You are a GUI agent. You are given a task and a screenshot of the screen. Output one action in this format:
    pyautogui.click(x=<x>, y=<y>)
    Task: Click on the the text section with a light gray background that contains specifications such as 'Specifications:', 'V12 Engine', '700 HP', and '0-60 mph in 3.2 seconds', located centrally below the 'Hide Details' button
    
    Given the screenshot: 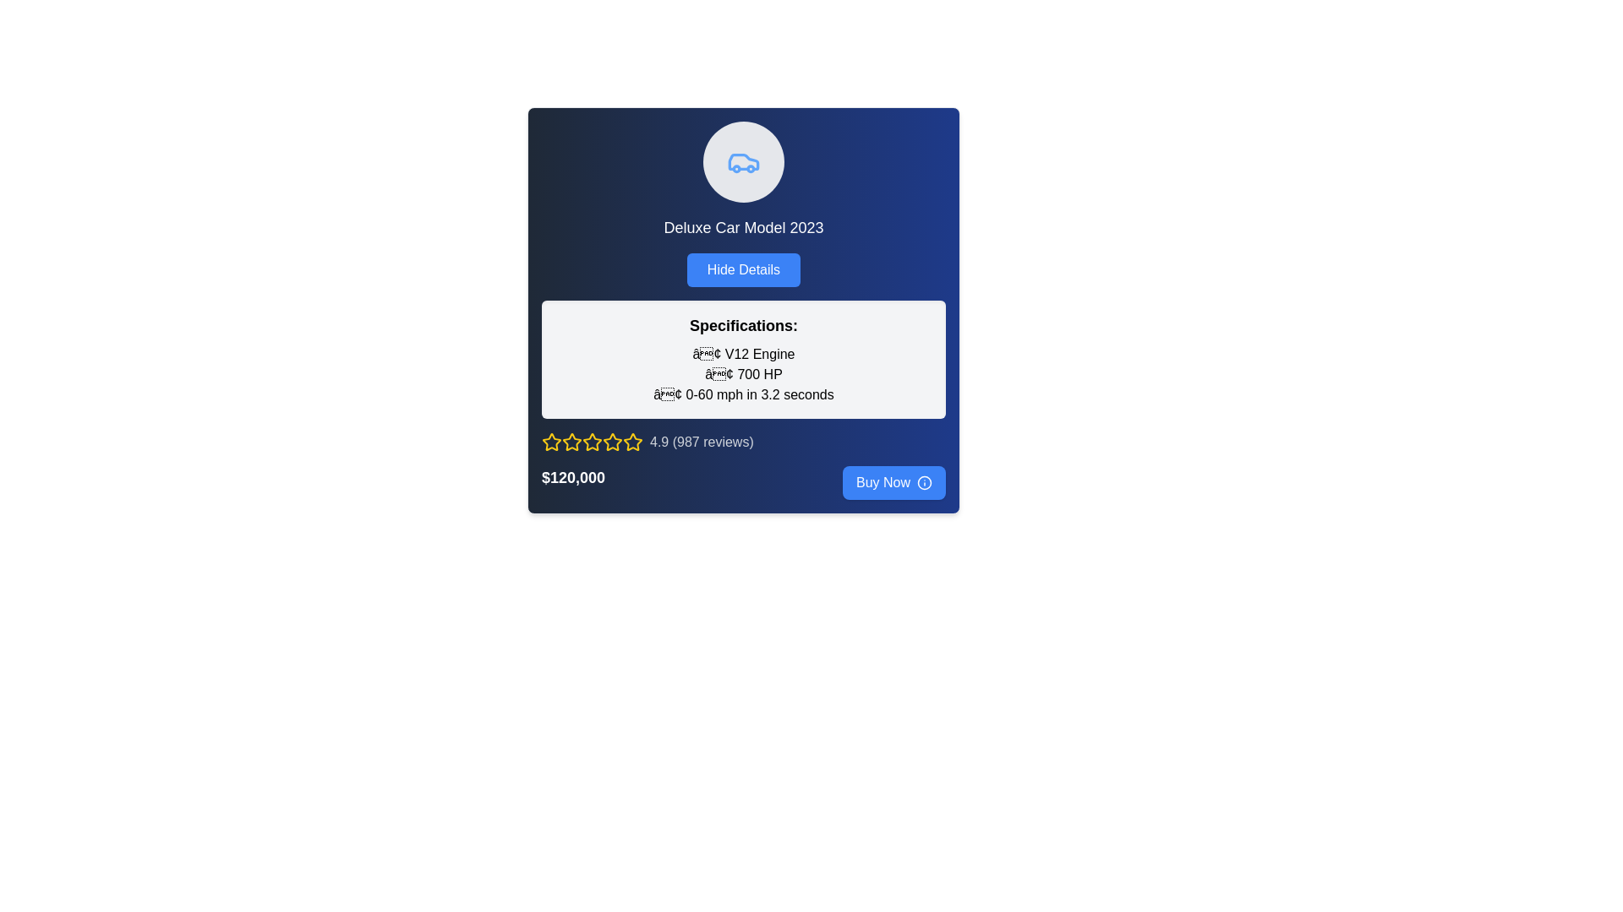 What is the action you would take?
    pyautogui.click(x=743, y=358)
    